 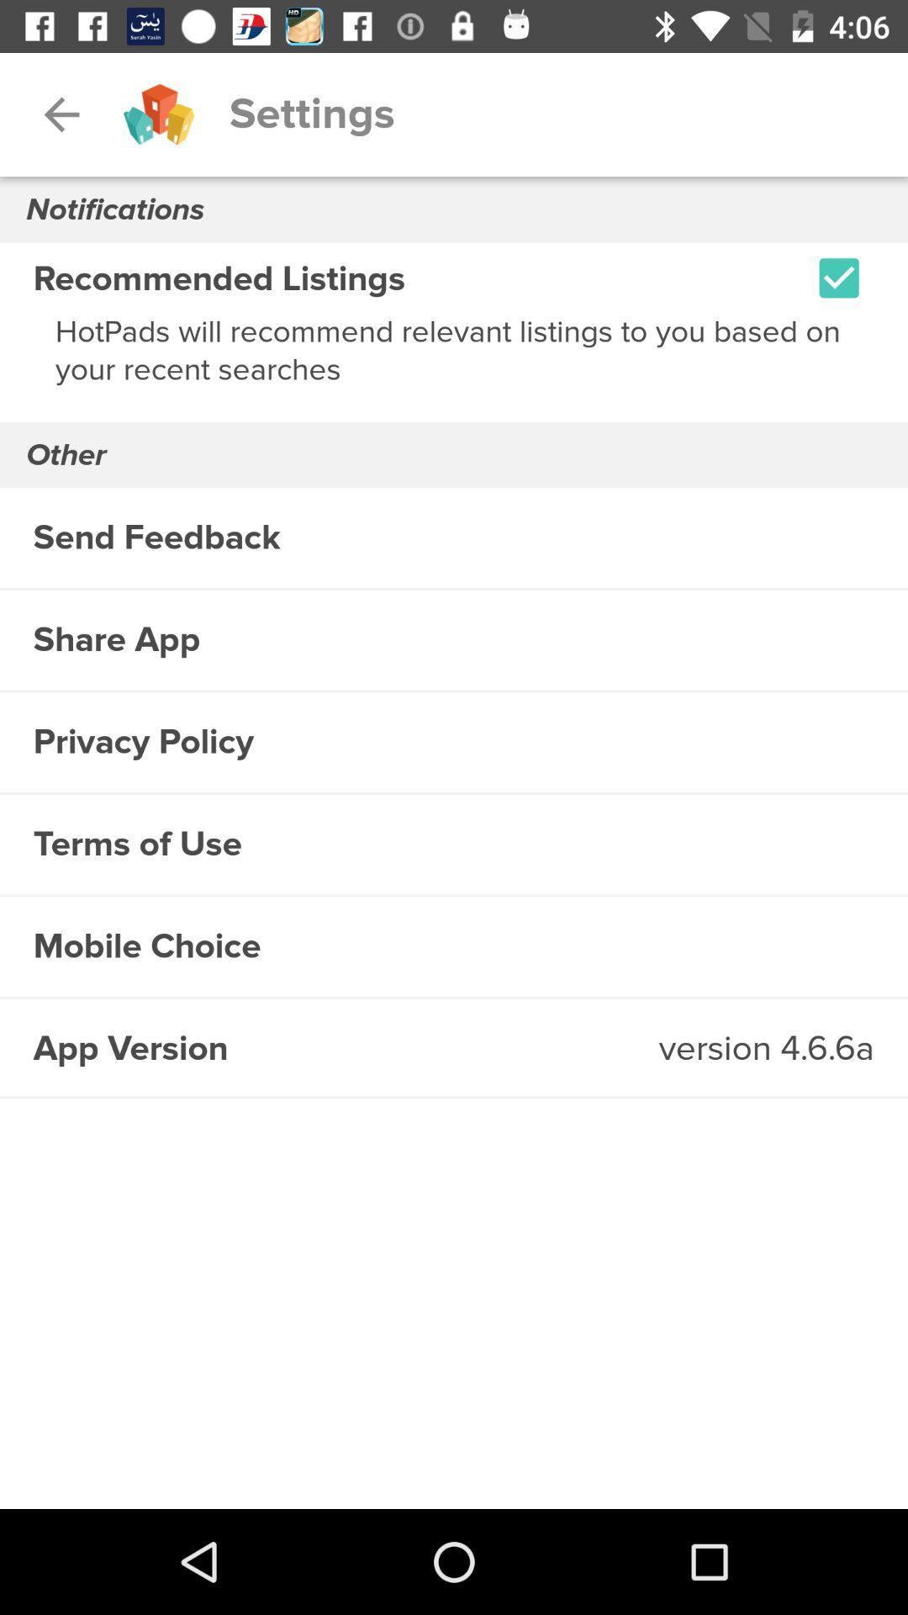 What do you see at coordinates (839, 278) in the screenshot?
I see `icon at the top right corner` at bounding box center [839, 278].